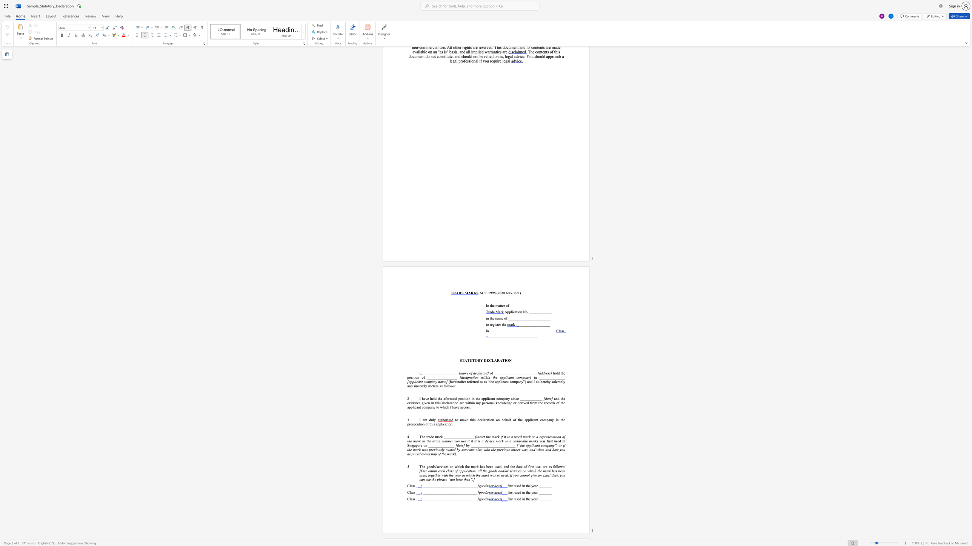 The height and width of the screenshot is (546, 972). I want to click on the subset text "__" within the text "by ________________________", so click(511, 445).